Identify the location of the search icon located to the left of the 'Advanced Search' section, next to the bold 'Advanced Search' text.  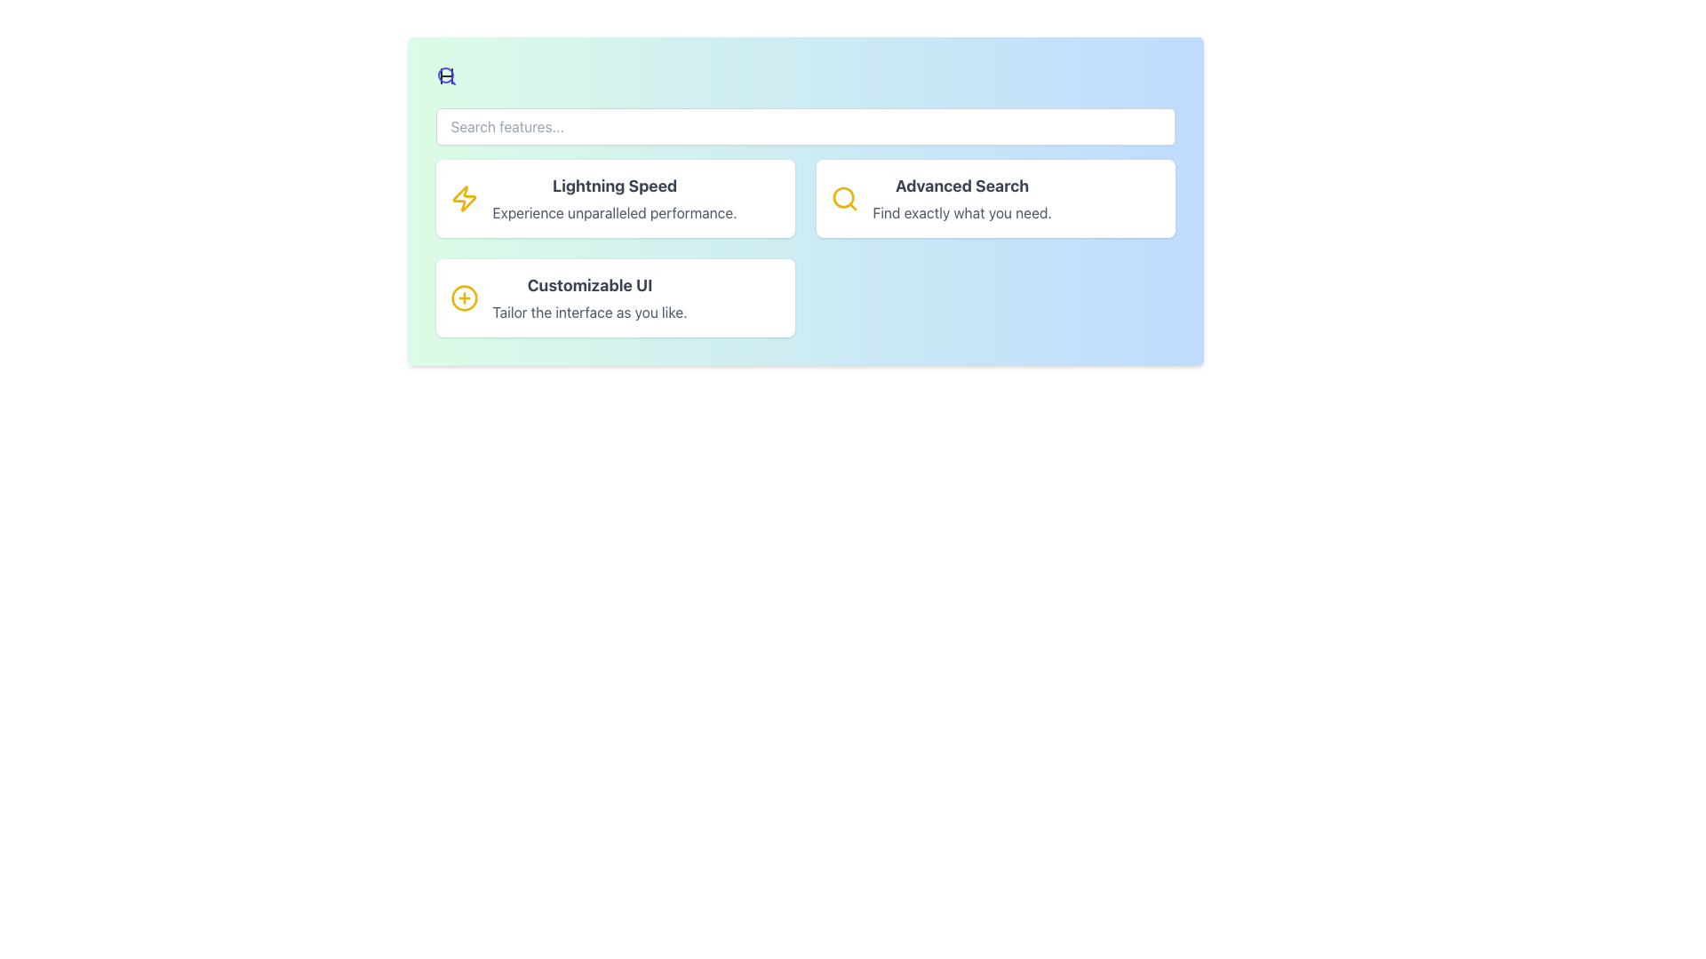
(843, 198).